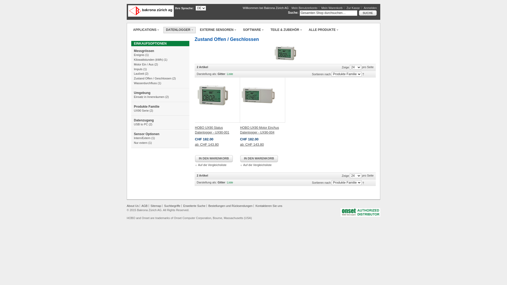 The width and height of the screenshot is (507, 285). What do you see at coordinates (144, 205) in the screenshot?
I see `'AGB'` at bounding box center [144, 205].